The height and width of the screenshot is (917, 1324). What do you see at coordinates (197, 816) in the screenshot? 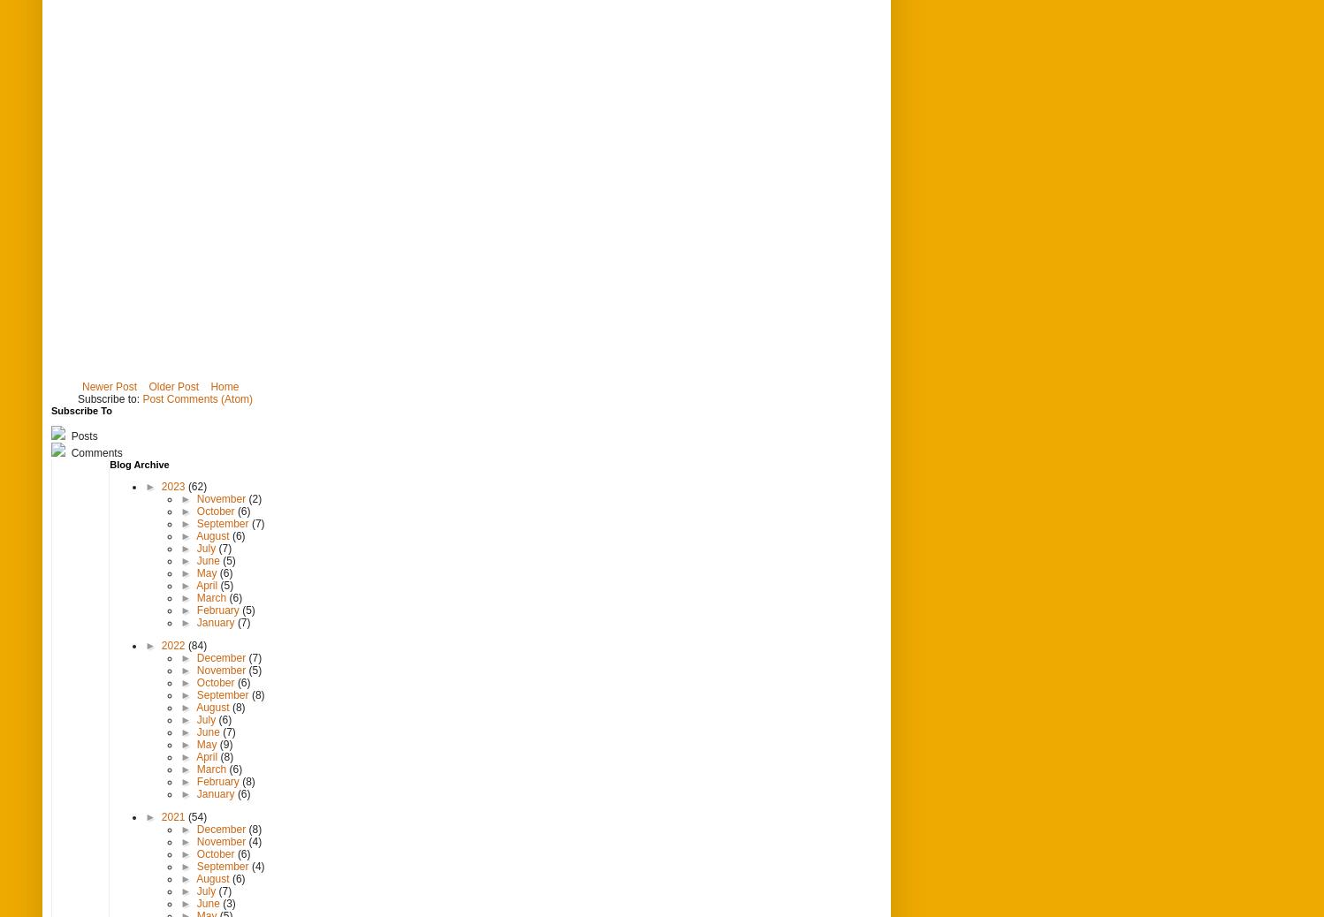
I see `'(54)'` at bounding box center [197, 816].